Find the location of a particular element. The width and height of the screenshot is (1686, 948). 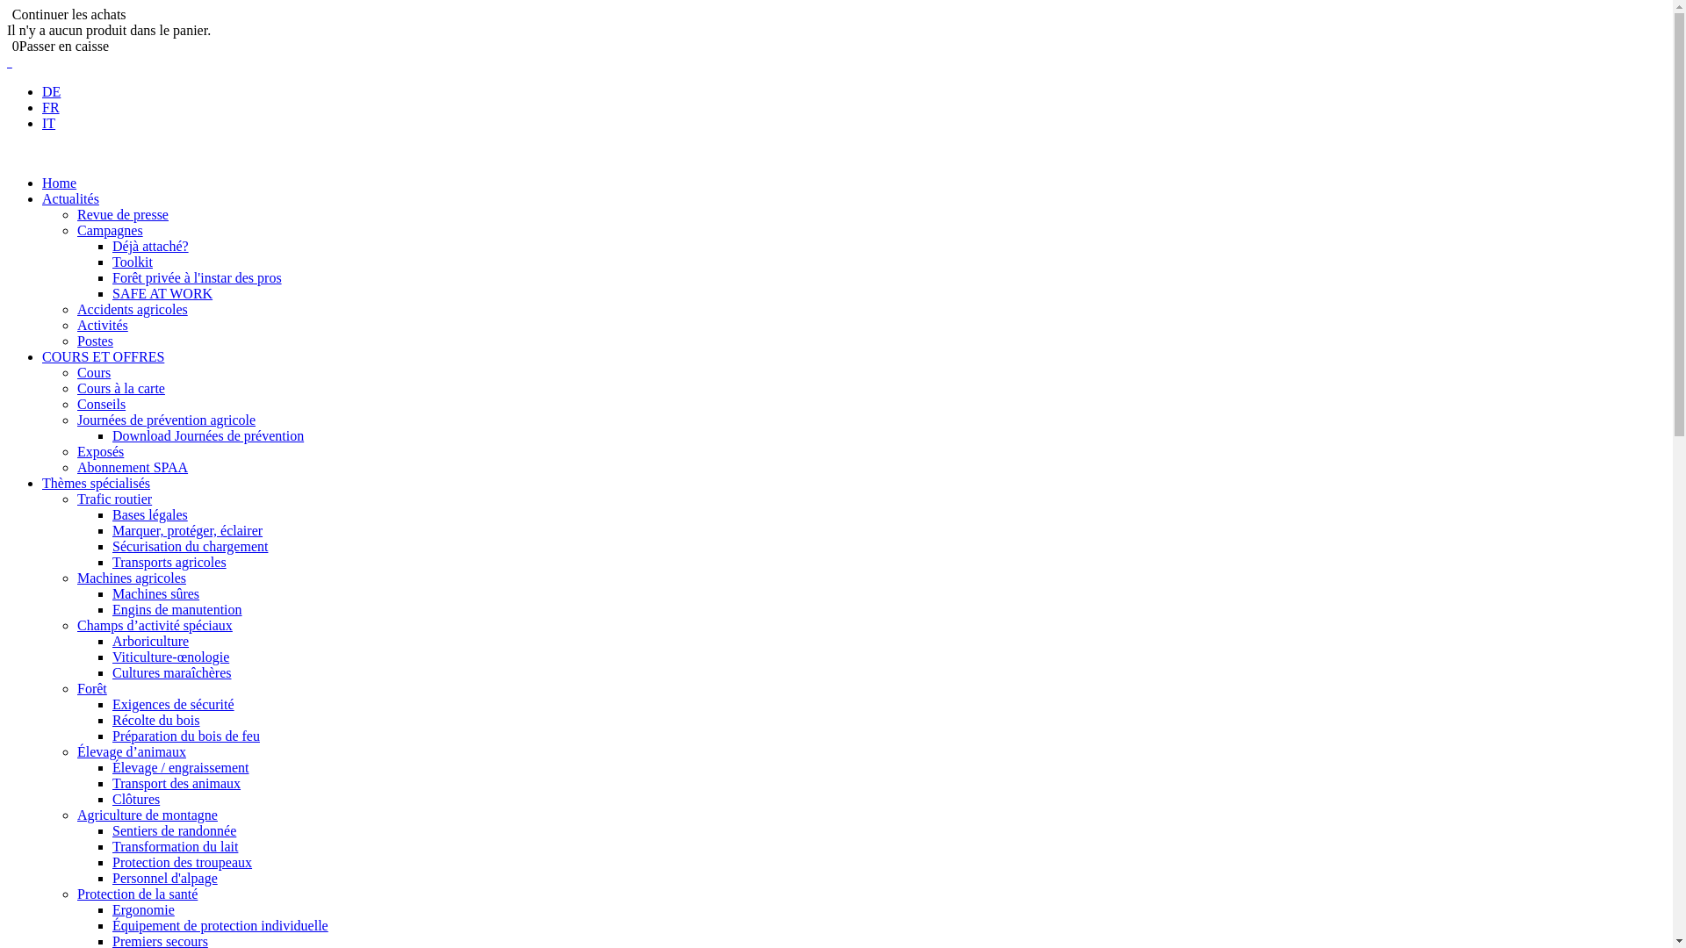

'Transports agricoles' is located at coordinates (112, 562).